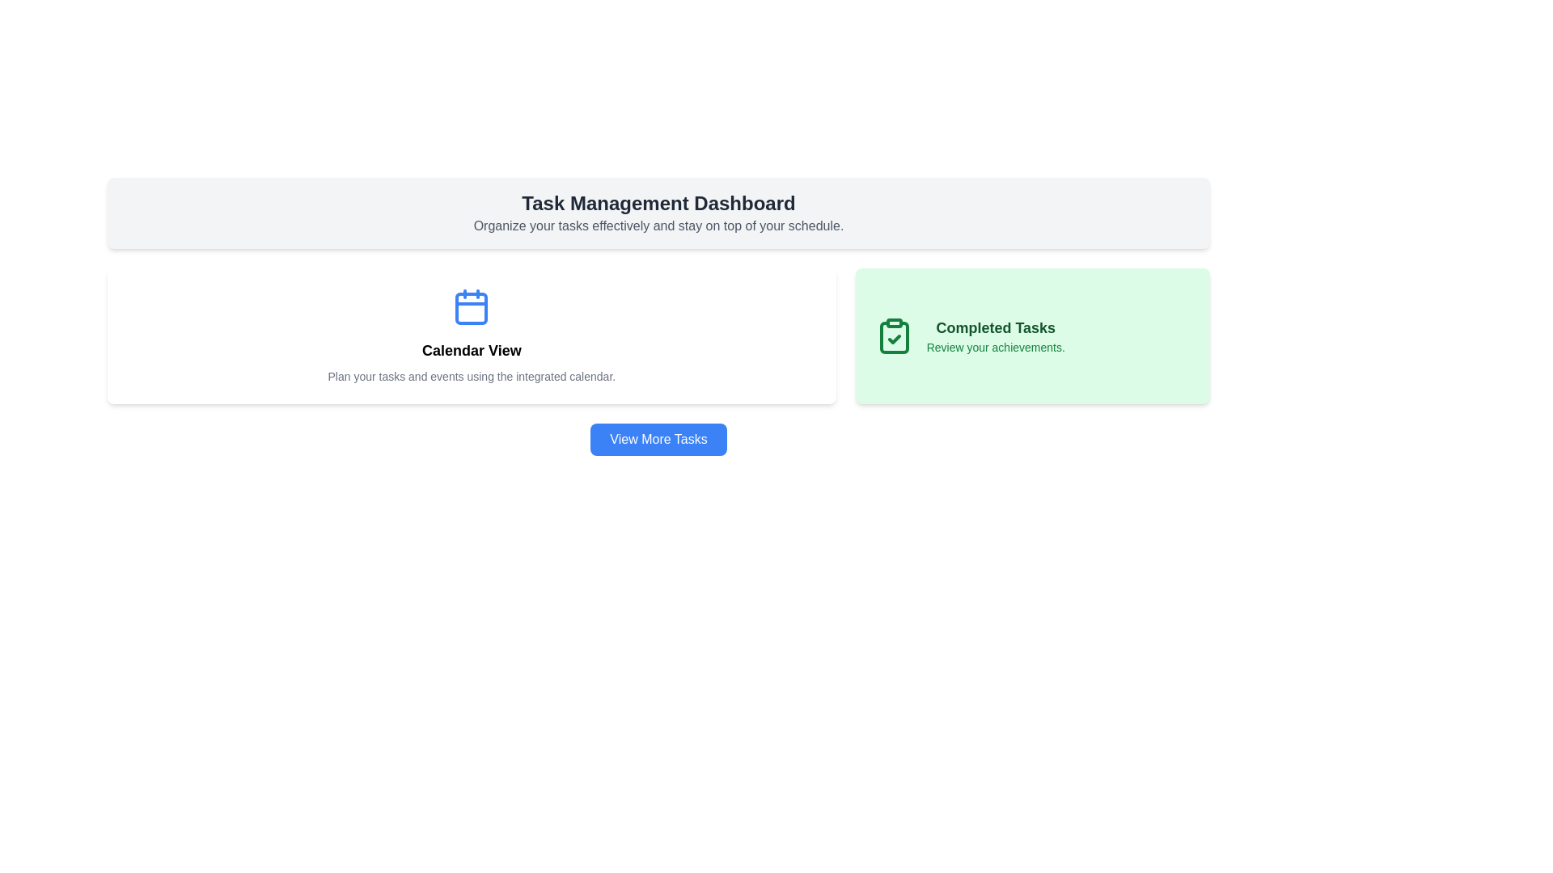  What do you see at coordinates (995, 346) in the screenshot?
I see `the text label displaying 'Review your achievements.' which is located under the 'Completed Tasks' heading in the green-shaded card` at bounding box center [995, 346].